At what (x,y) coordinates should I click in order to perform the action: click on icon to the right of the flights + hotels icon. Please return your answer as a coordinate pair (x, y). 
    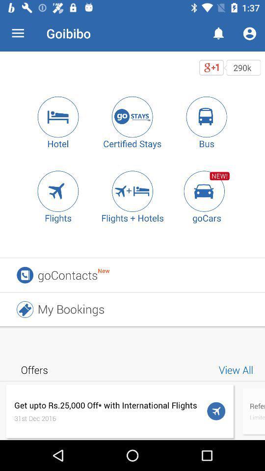
    Looking at the image, I should click on (206, 190).